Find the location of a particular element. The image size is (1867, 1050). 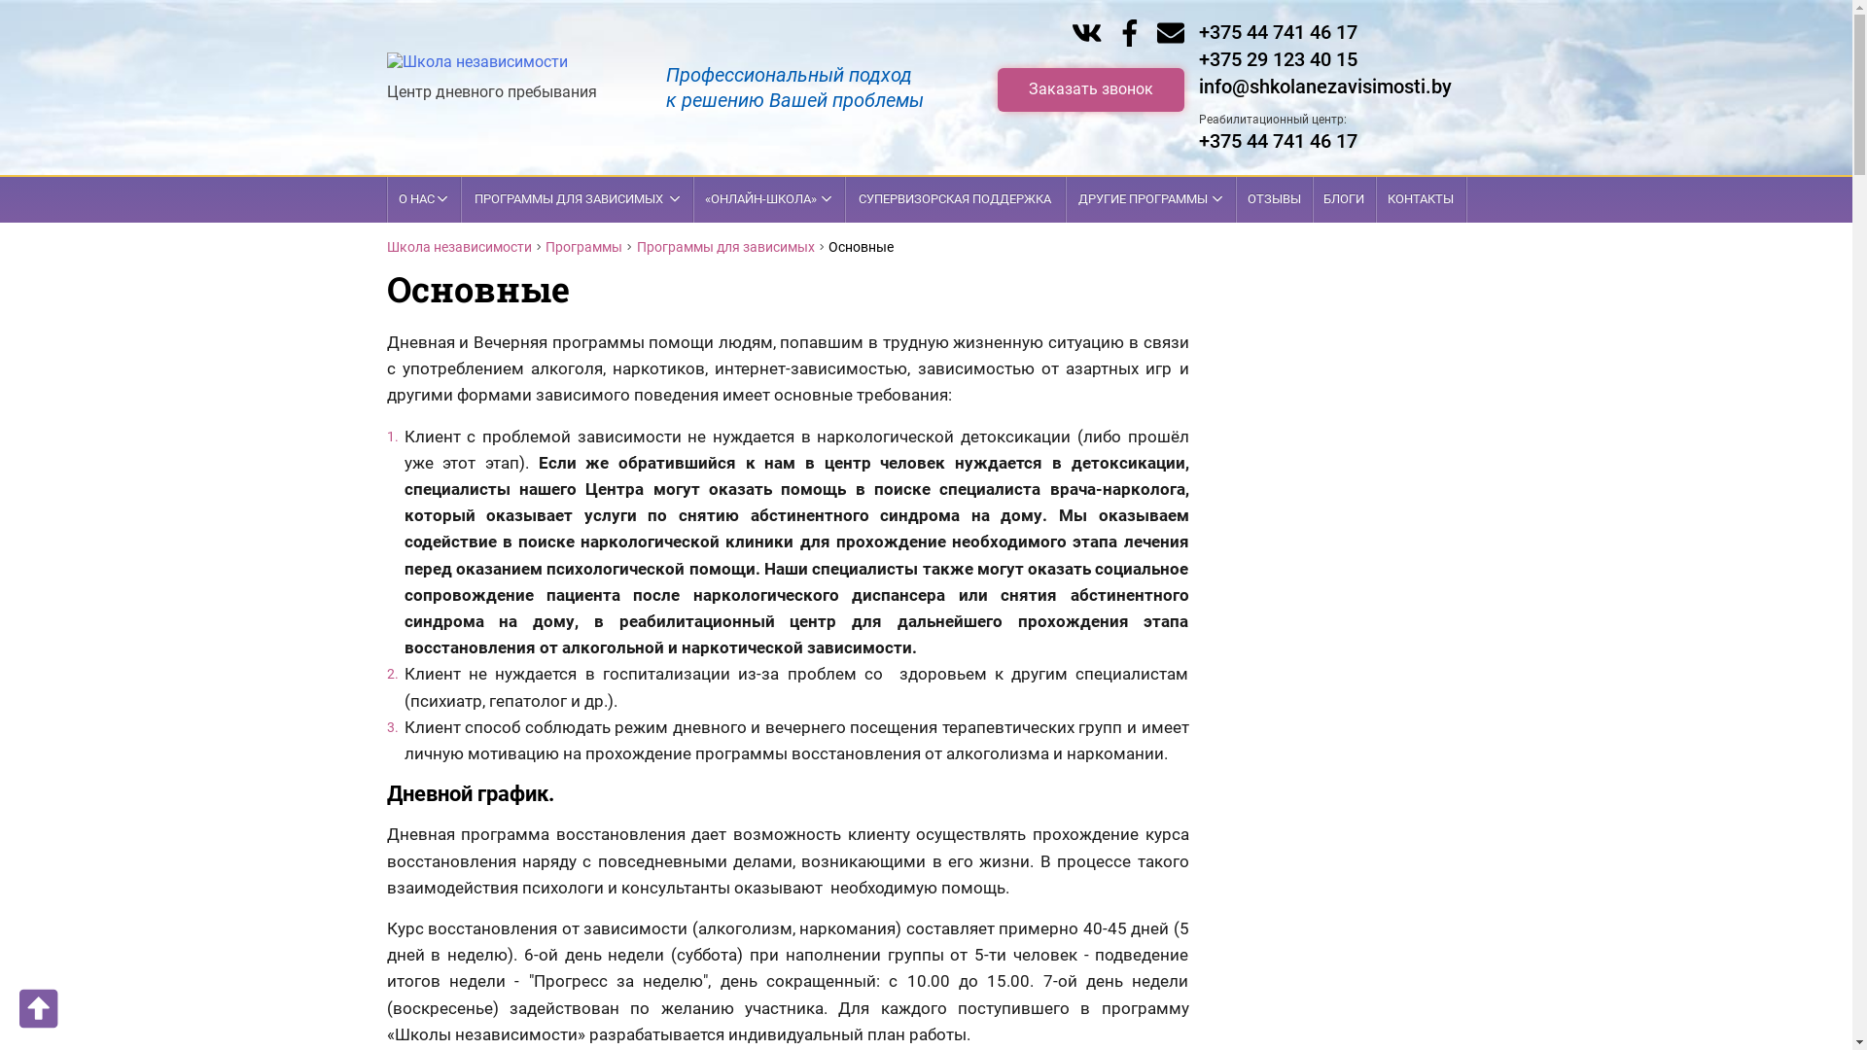

'info@shkolanezavisimosti.by' is located at coordinates (1323, 85).